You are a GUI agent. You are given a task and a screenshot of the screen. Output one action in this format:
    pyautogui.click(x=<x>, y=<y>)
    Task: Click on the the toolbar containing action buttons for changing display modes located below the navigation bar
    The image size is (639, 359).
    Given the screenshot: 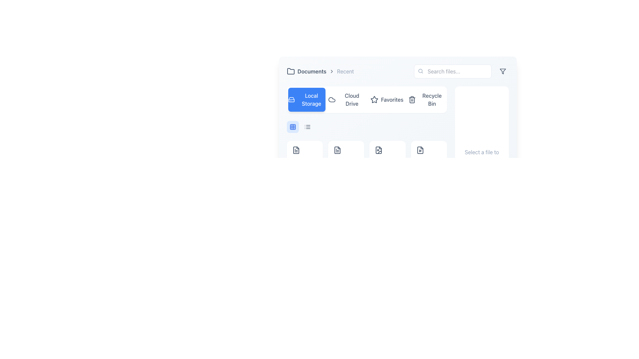 What is the action you would take?
    pyautogui.click(x=366, y=127)
    